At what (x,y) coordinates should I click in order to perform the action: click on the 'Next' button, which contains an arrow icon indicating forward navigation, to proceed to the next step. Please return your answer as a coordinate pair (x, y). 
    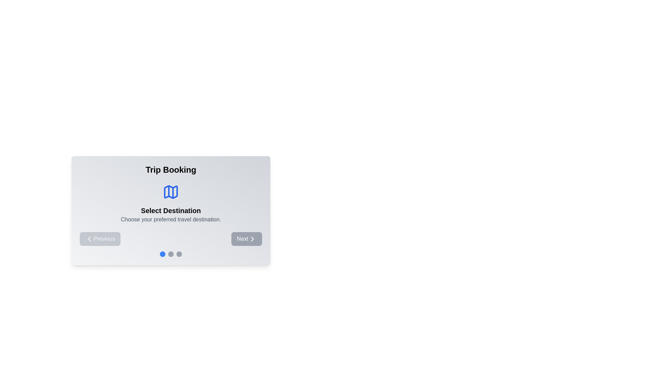
    Looking at the image, I should click on (252, 238).